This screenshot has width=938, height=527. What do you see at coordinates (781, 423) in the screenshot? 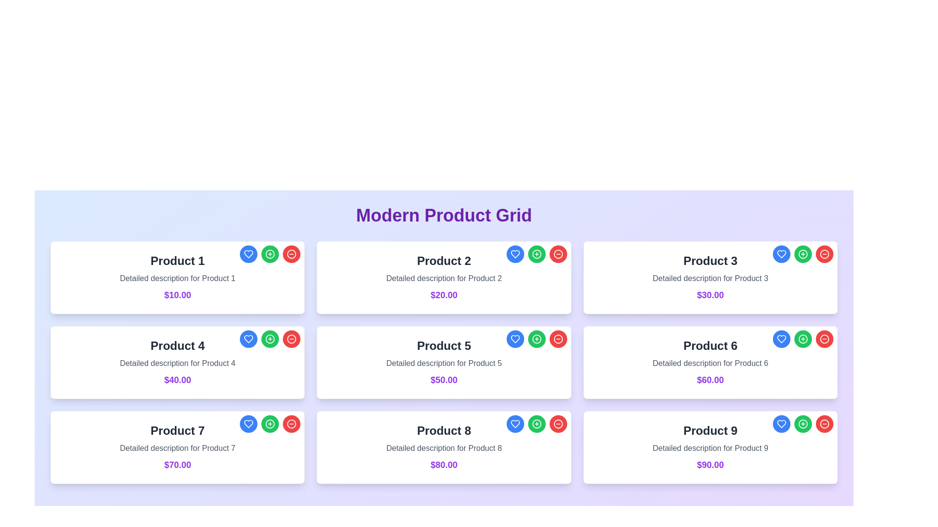
I see `the top-left icon button in the rightmost circular button group of Product 9 to favorite or unfavorite the item` at bounding box center [781, 423].